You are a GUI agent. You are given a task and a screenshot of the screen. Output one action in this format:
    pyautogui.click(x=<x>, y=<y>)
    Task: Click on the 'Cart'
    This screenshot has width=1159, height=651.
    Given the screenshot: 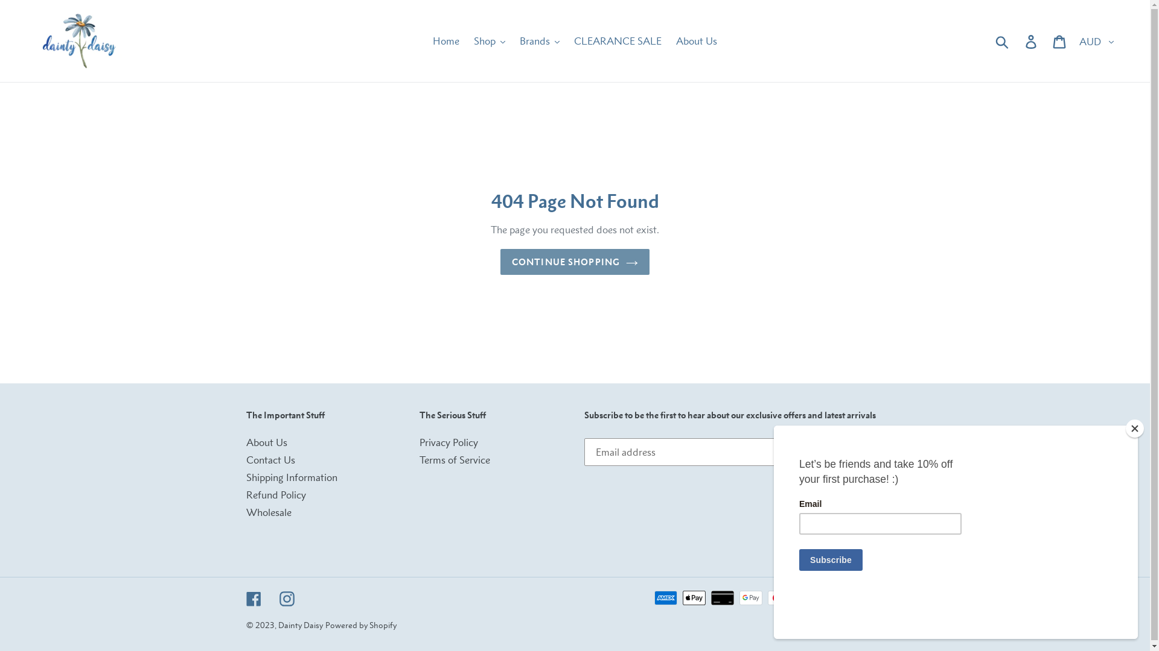 What is the action you would take?
    pyautogui.click(x=1059, y=40)
    